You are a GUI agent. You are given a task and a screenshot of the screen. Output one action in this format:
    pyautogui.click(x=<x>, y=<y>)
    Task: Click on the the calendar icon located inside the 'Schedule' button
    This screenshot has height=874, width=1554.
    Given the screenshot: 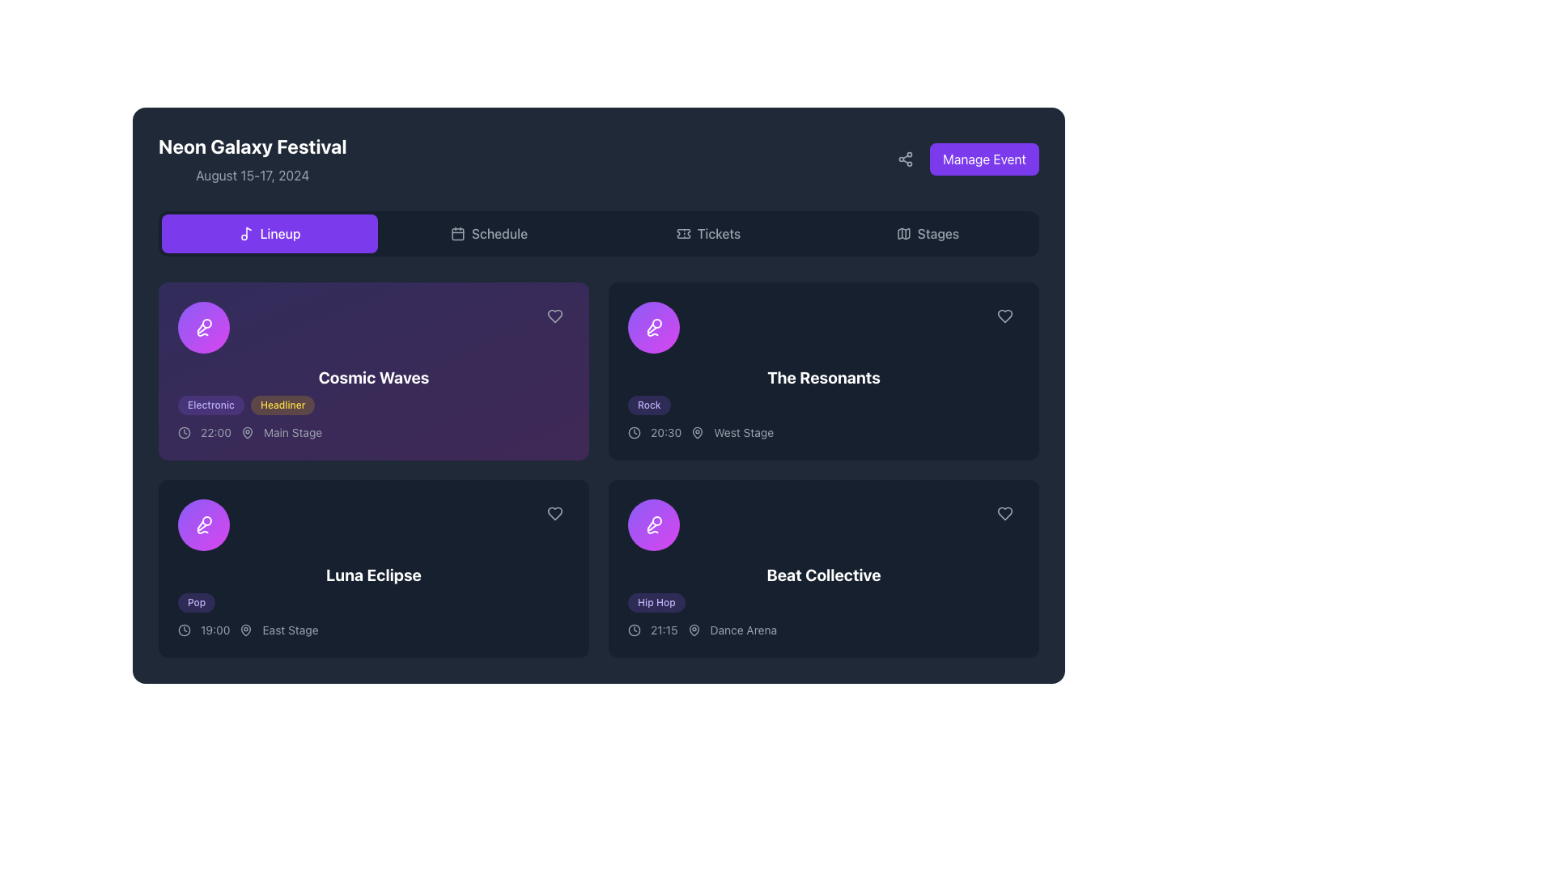 What is the action you would take?
    pyautogui.click(x=457, y=234)
    